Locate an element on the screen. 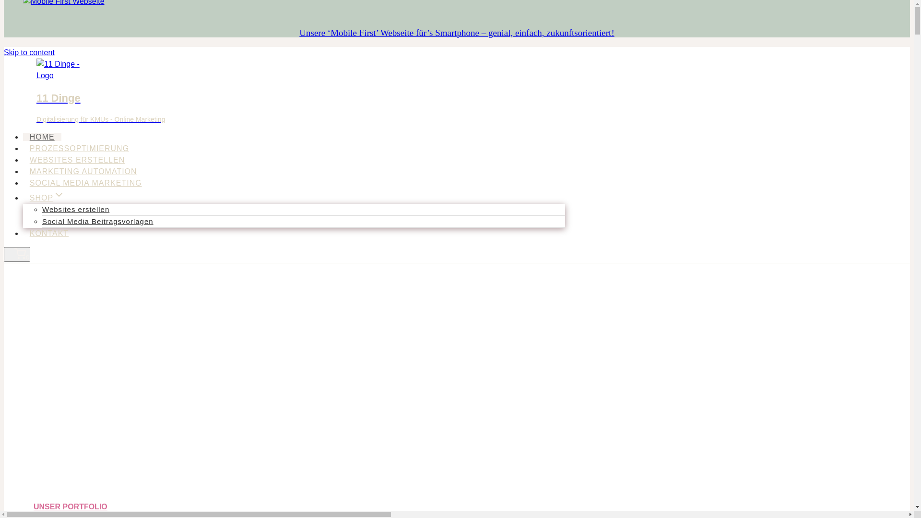  'SOCIAL MEDIA MARKETING' is located at coordinates (85, 183).